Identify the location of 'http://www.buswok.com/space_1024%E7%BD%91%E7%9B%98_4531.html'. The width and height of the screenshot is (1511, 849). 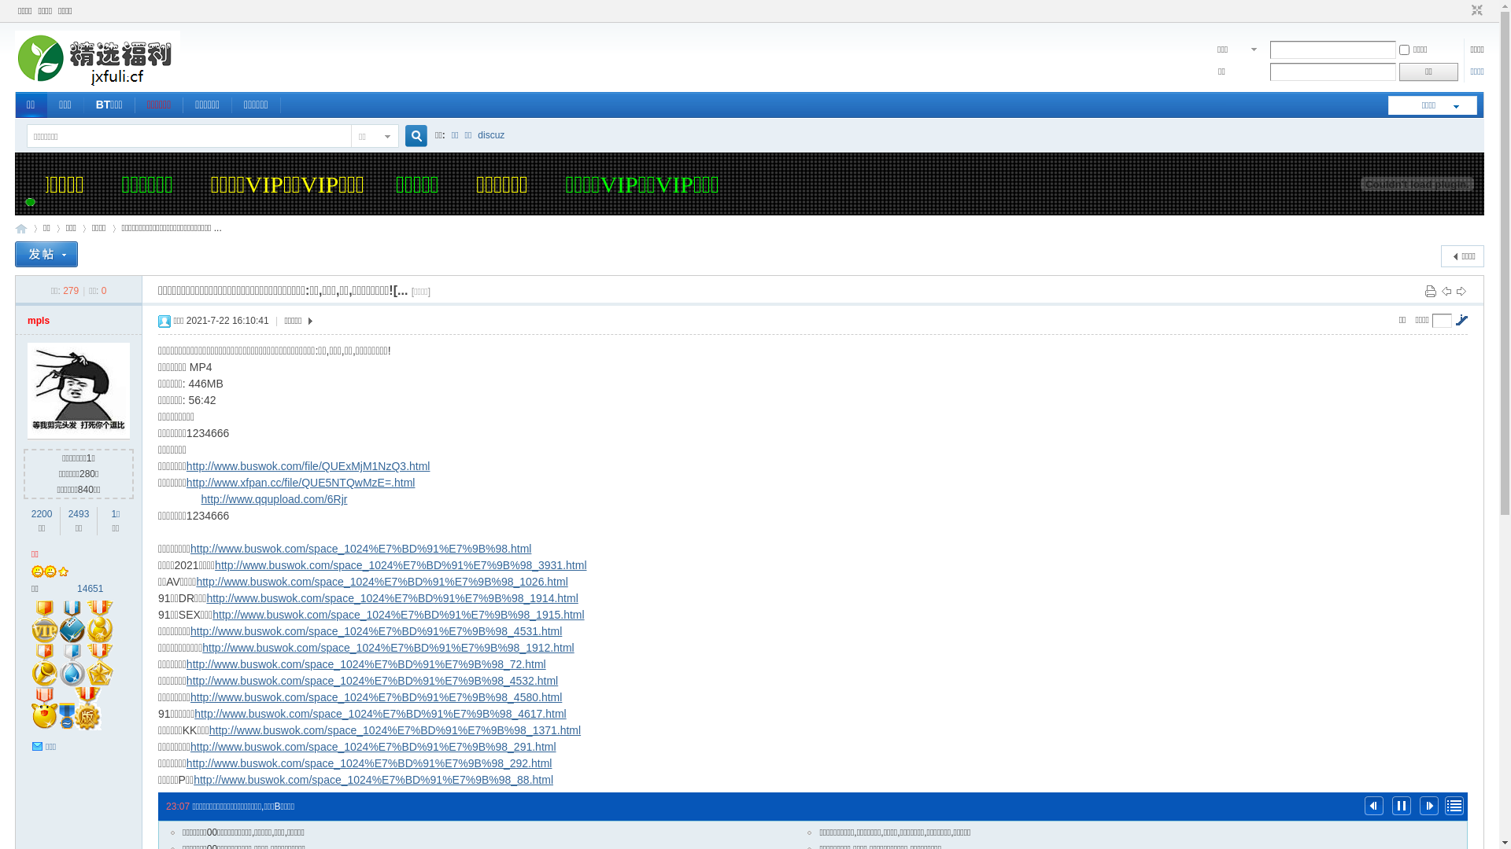
(375, 630).